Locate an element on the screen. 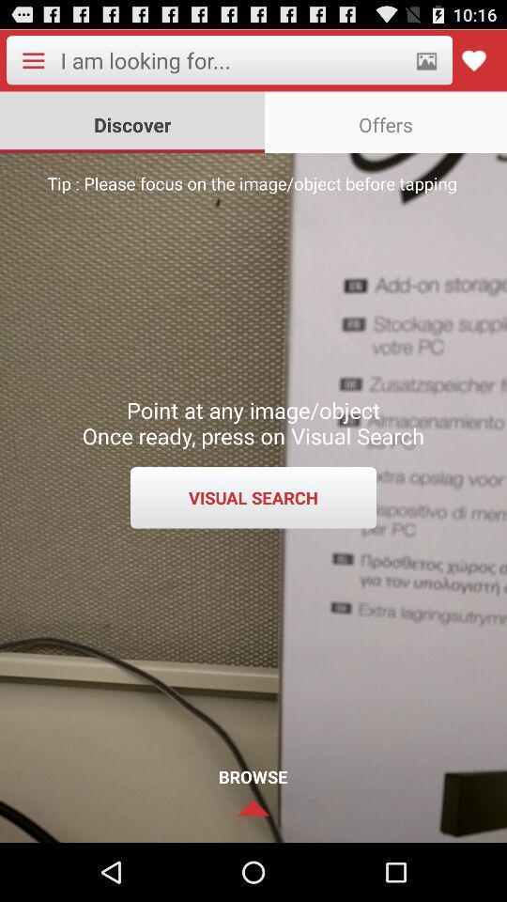  open photo gallery is located at coordinates (426, 60).